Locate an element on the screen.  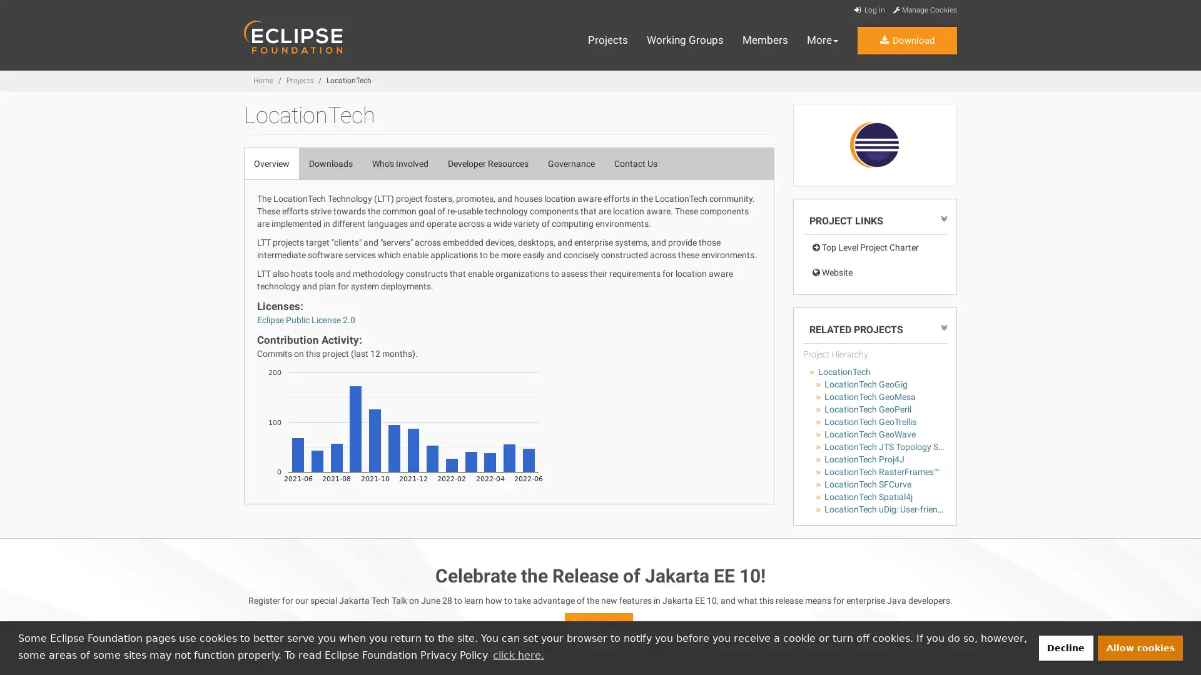
allow cookies is located at coordinates (1140, 647).